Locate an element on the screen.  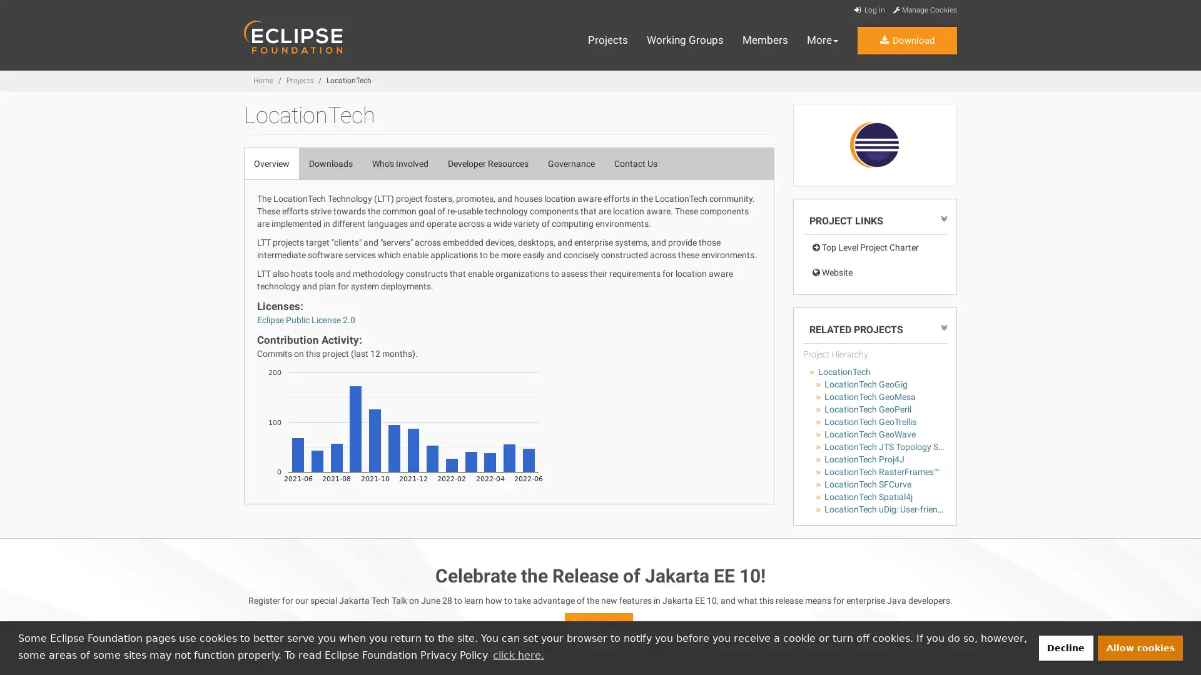
allow cookies is located at coordinates (1140, 647).